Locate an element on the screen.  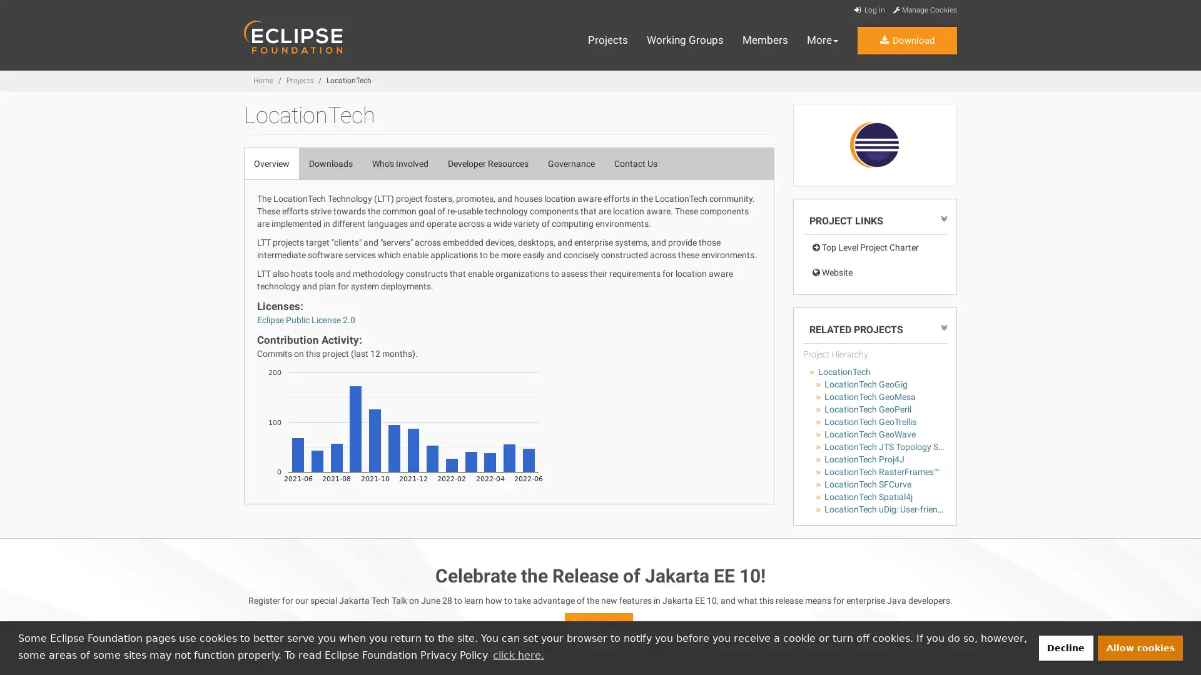
allow cookies is located at coordinates (1140, 647).